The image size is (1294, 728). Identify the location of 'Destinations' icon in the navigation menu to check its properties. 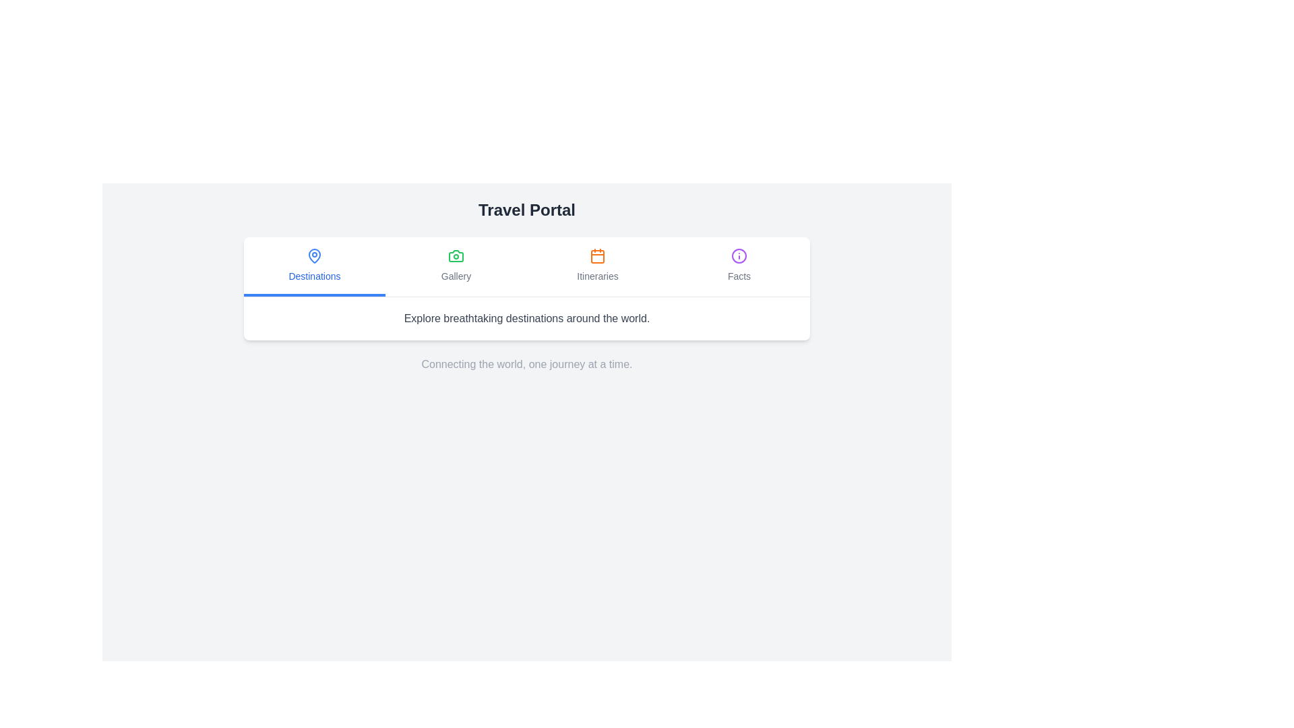
(313, 255).